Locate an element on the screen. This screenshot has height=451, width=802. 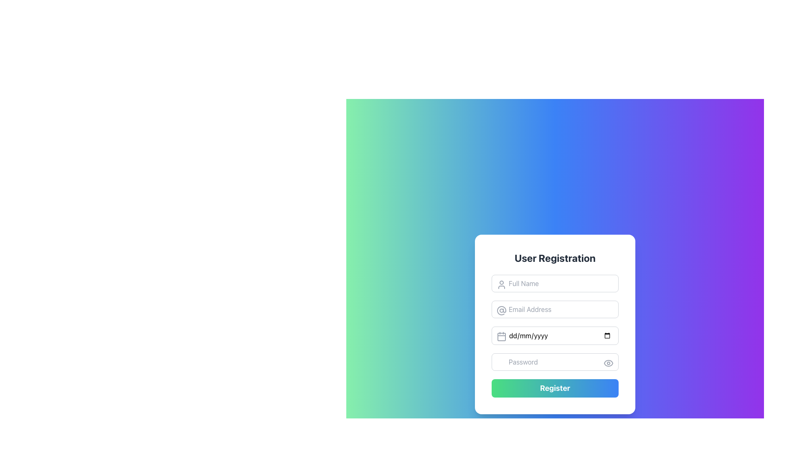
the email input field in the registration form is located at coordinates (555, 309).